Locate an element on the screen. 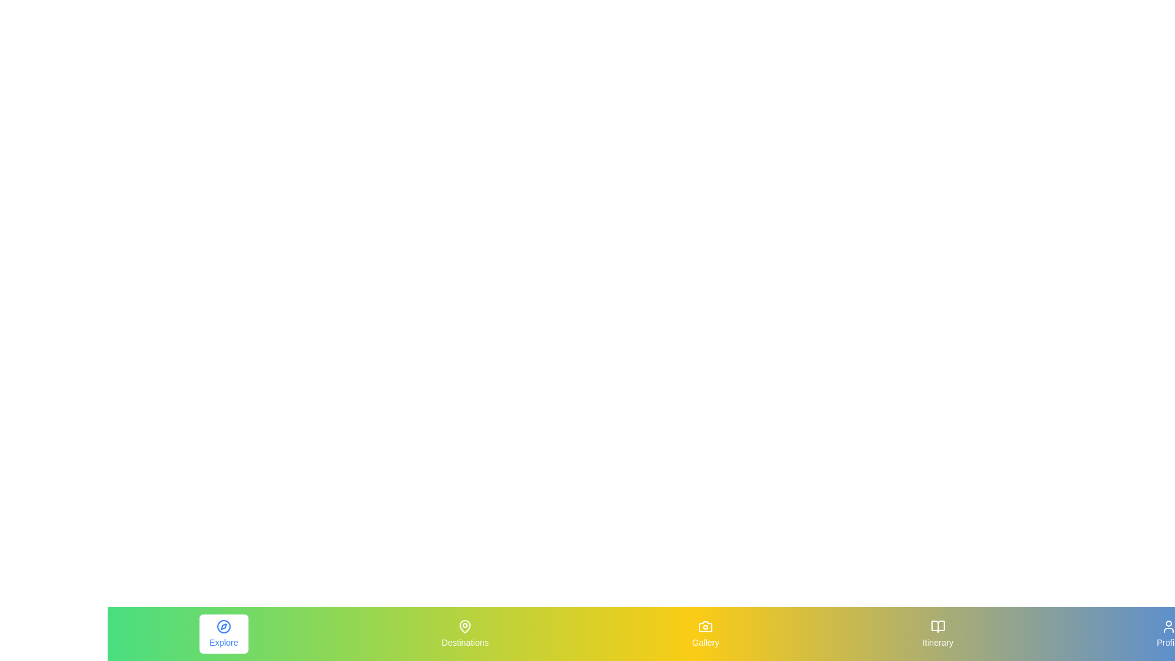  the Explore element to view its hover effect is located at coordinates (223, 633).